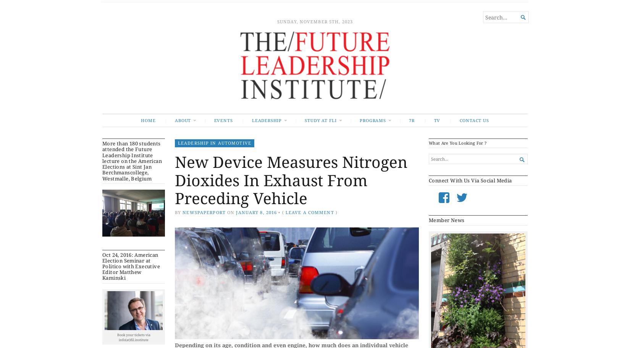  I want to click on 'Study at FLI', so click(304, 120).